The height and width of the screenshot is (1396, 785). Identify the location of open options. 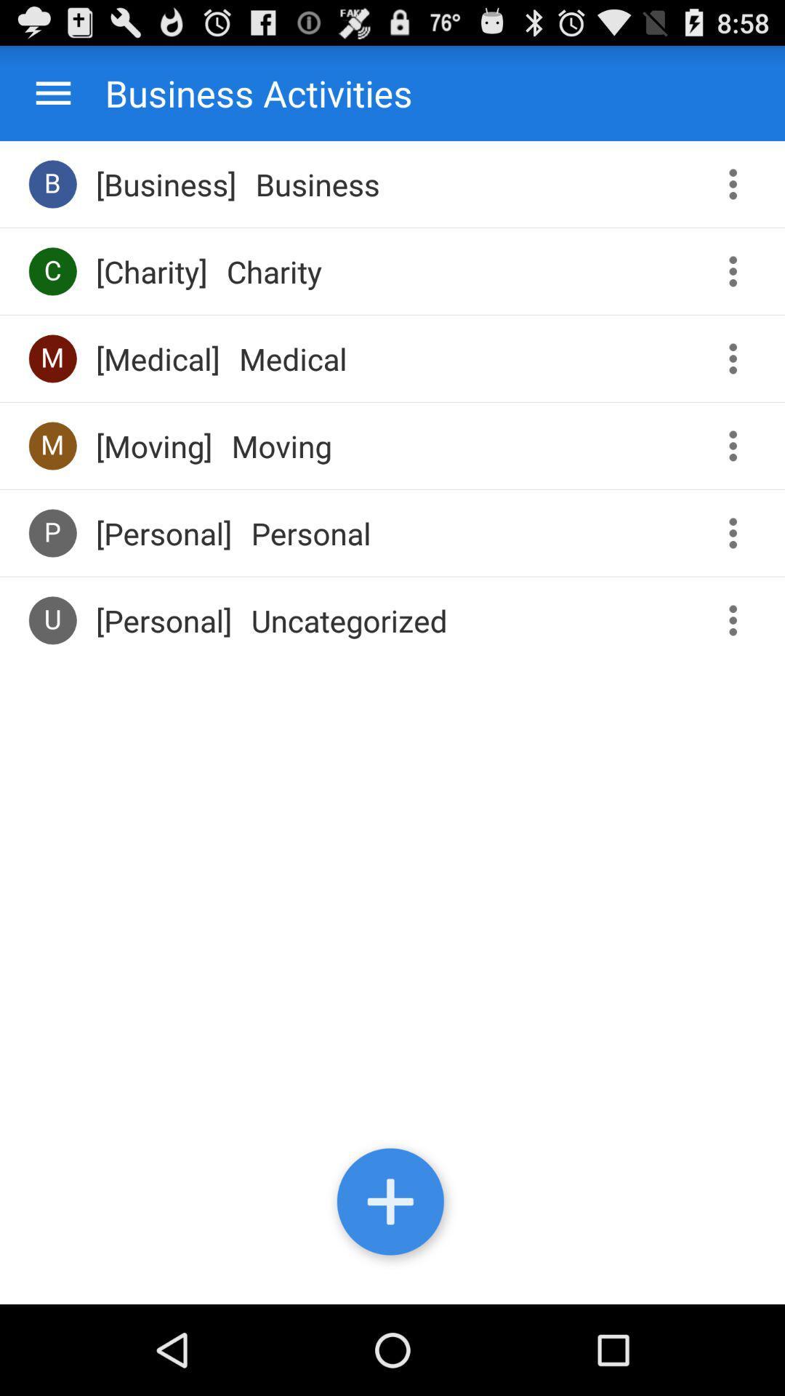
(738, 620).